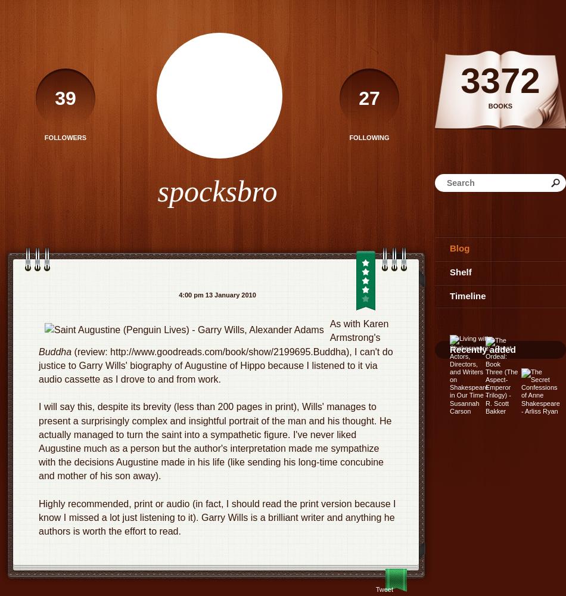 This screenshot has width=566, height=596. I want to click on '(review: http://www.goodreads.com/book/show/2199695.Buddha), I can't do justice to Garry Wills' biography of Augustine of Hippo because I listened to it via audio cassette as I drove to and from work.', so click(215, 364).